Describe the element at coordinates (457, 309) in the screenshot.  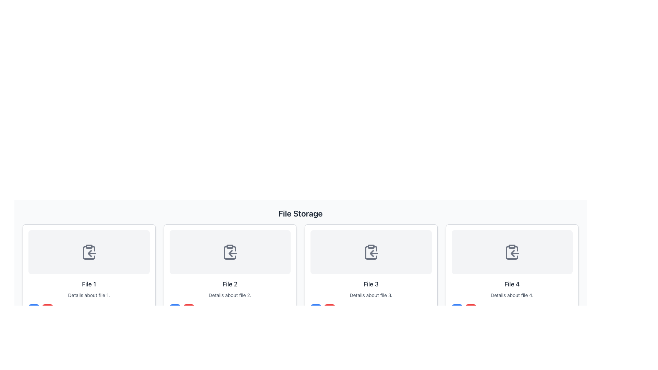
I see `the leftmost button located at the bottom of the 'File 4' card` at that location.